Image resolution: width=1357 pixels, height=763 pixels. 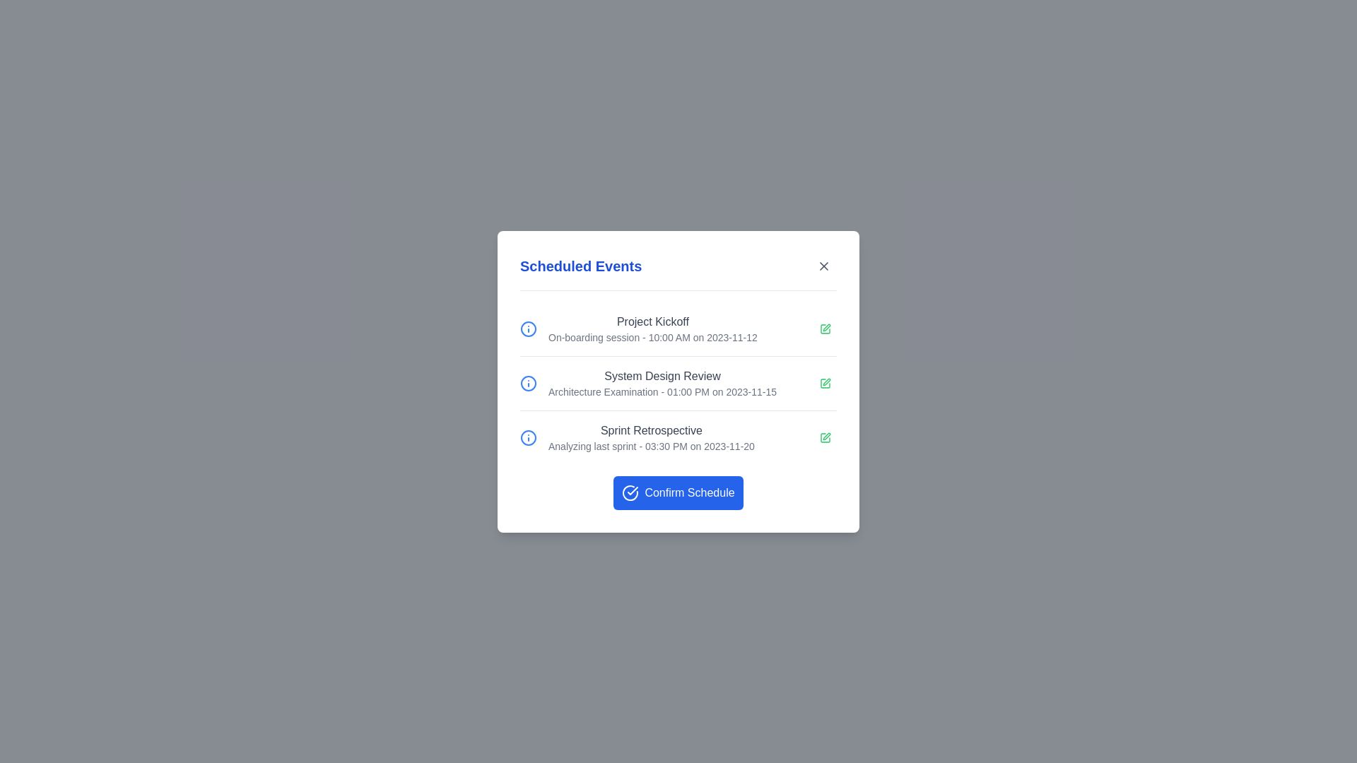 What do you see at coordinates (825, 329) in the screenshot?
I see `the interactive element Edit Button for Project Kickoff to observe its hover effect` at bounding box center [825, 329].